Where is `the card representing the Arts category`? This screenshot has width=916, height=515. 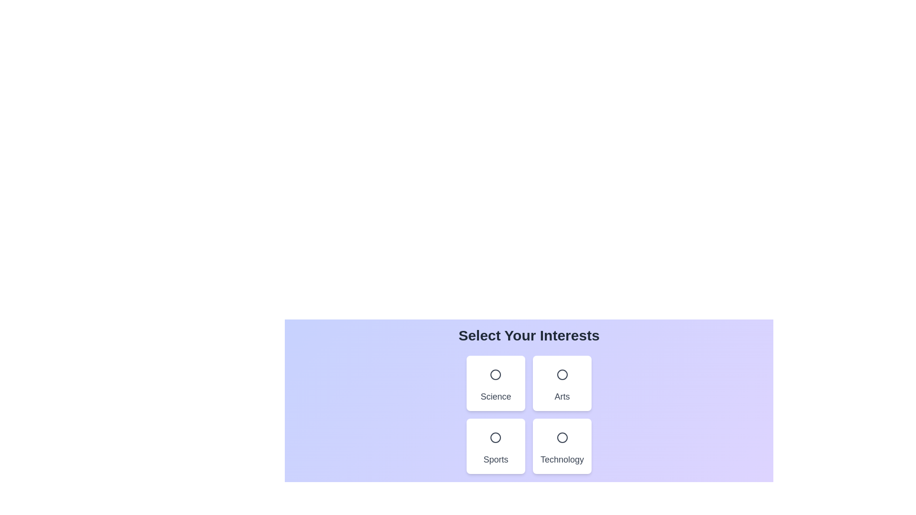 the card representing the Arts category is located at coordinates (562, 382).